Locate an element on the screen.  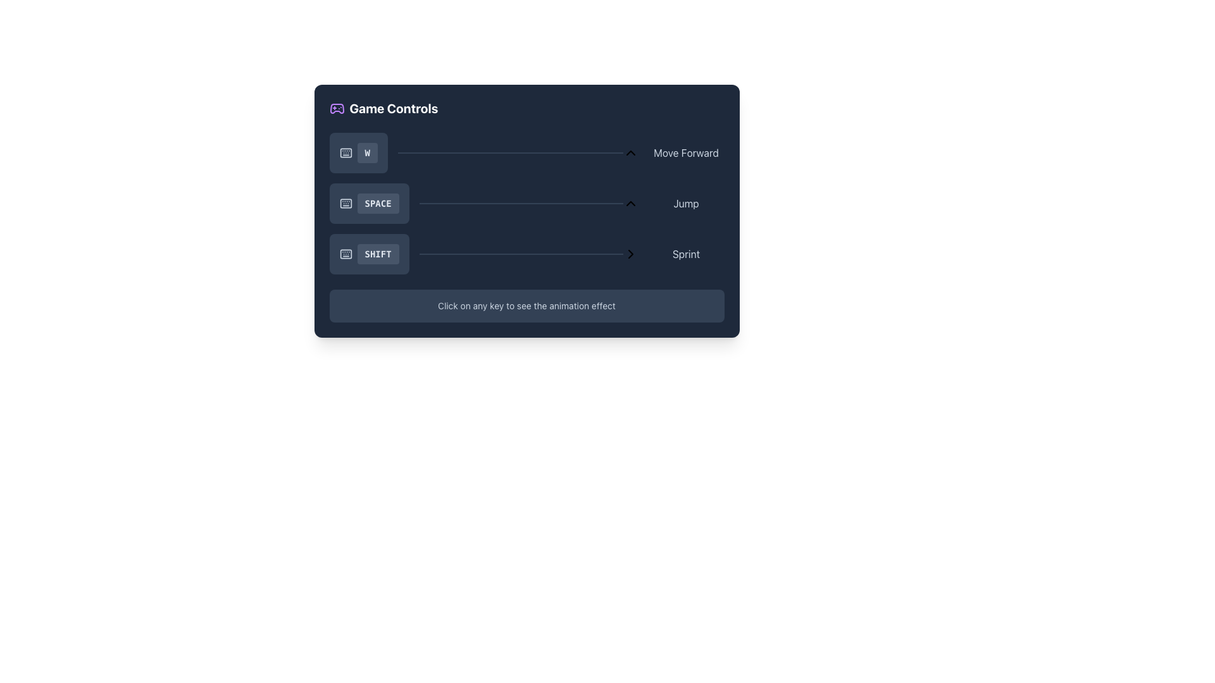
the slider is located at coordinates (537, 152).